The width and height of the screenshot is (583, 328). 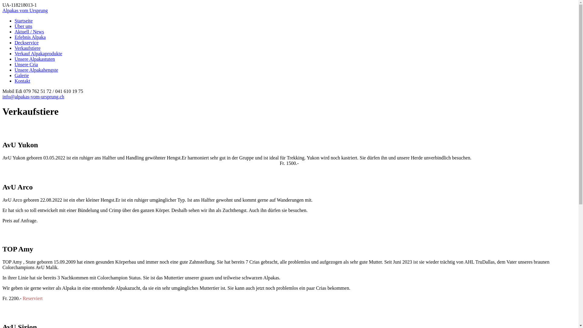 I want to click on 'Alpakas vom Ursprung', so click(x=25, y=10).